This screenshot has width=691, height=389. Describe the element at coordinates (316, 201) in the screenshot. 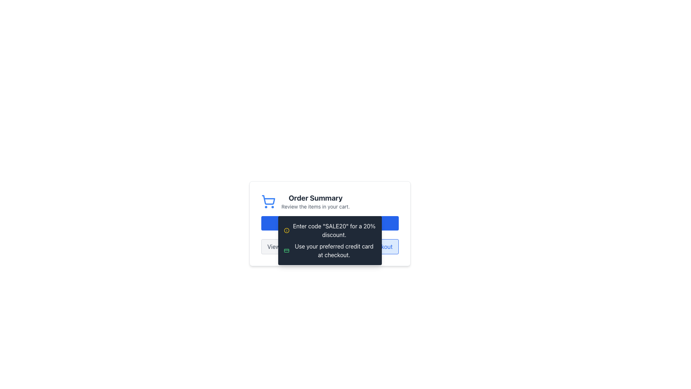

I see `the 'Order Summary' text label which contains two lines of text, with the first line in bold and larger font, and the second line in a smaller, lighter font, located centrally in the component to the right of a shopping cart icon` at that location.